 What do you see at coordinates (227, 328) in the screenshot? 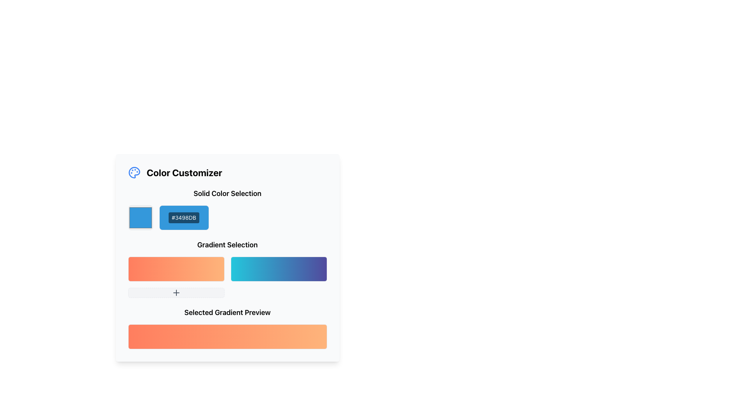
I see `the gradient preview displayed in the Preview Display located at the bottom of the 'Color Customizer' section` at bounding box center [227, 328].